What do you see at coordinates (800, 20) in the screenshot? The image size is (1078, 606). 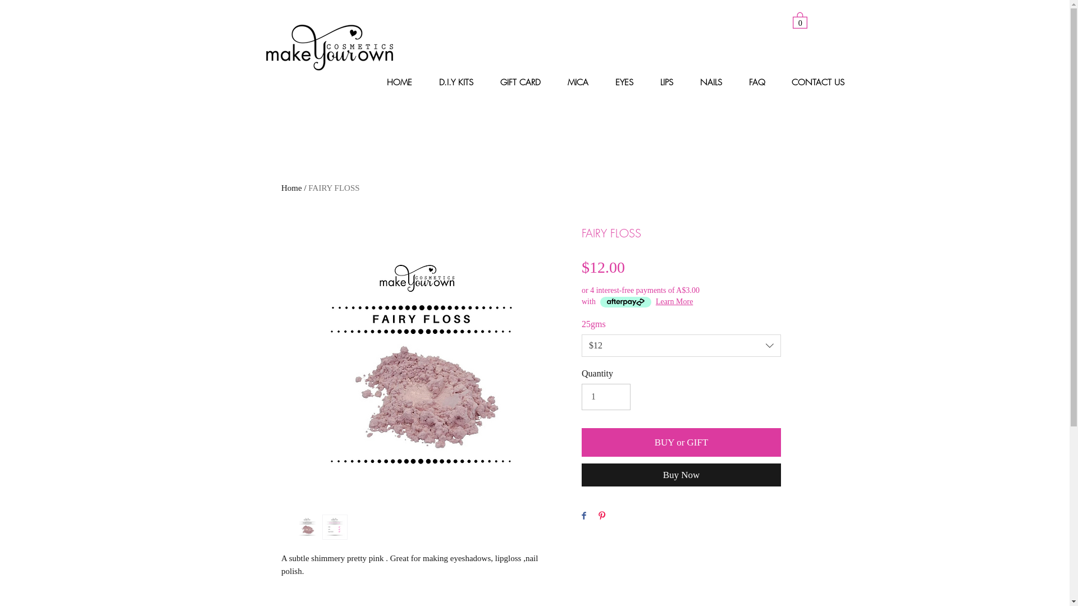 I see `'0'` at bounding box center [800, 20].